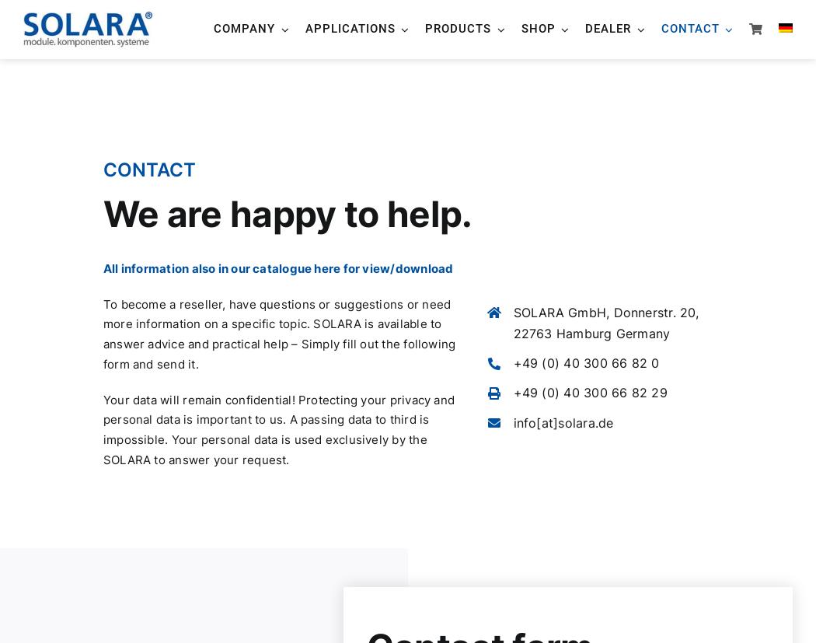 The image size is (816, 643). What do you see at coordinates (512, 391) in the screenshot?
I see `'+49 (0) 40 300 66 82 29'` at bounding box center [512, 391].